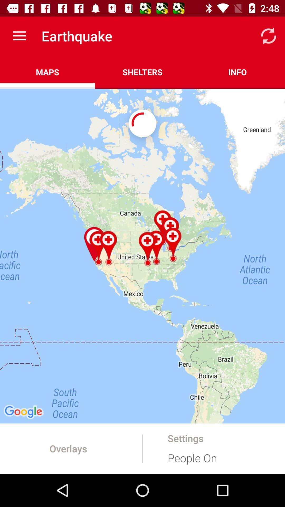 The image size is (285, 507). What do you see at coordinates (237, 72) in the screenshot?
I see `icon next to shelters item` at bounding box center [237, 72].